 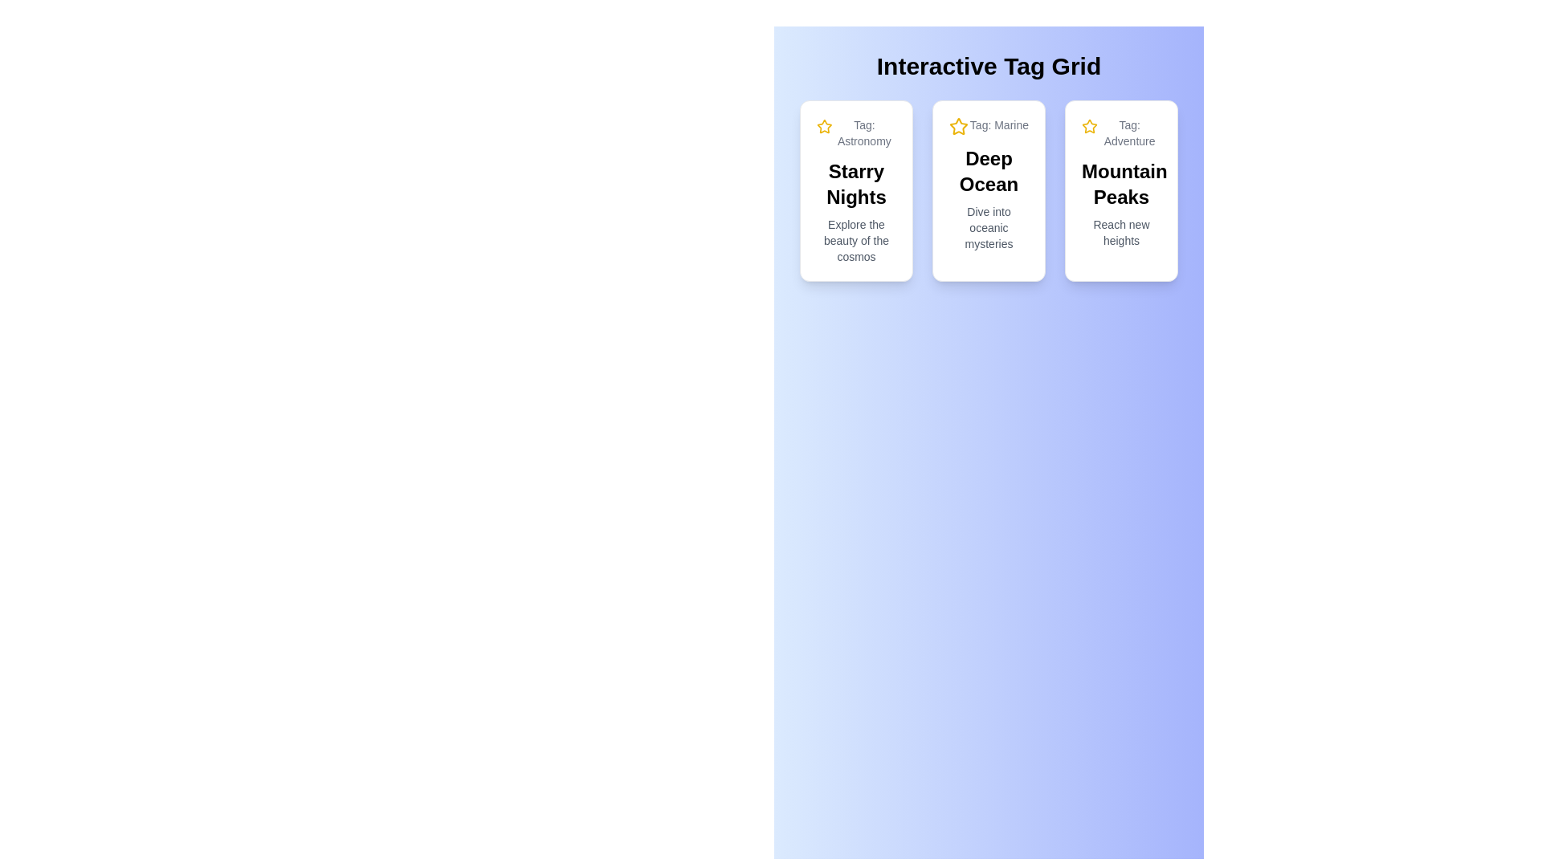 I want to click on the 'Starry Nights' text block located within the 'Tag: Astronomy' card, which features bold and large text in a two-line layout, so click(x=855, y=184).